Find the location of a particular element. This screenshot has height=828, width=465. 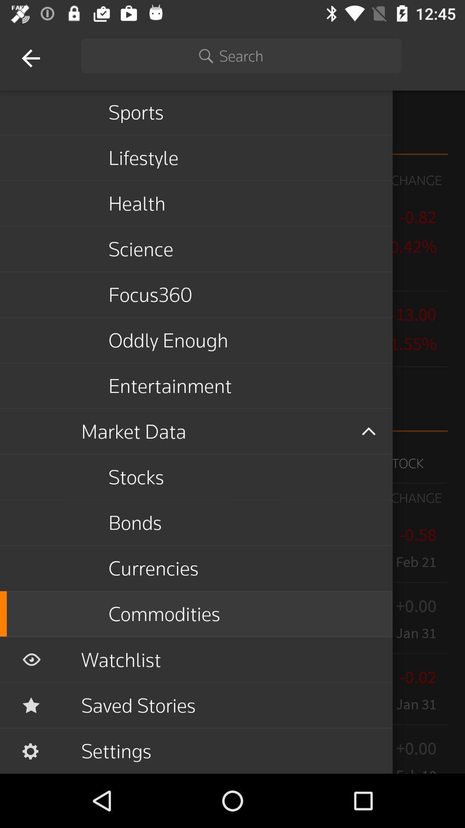

the button which is above the bonds is located at coordinates (158, 463).